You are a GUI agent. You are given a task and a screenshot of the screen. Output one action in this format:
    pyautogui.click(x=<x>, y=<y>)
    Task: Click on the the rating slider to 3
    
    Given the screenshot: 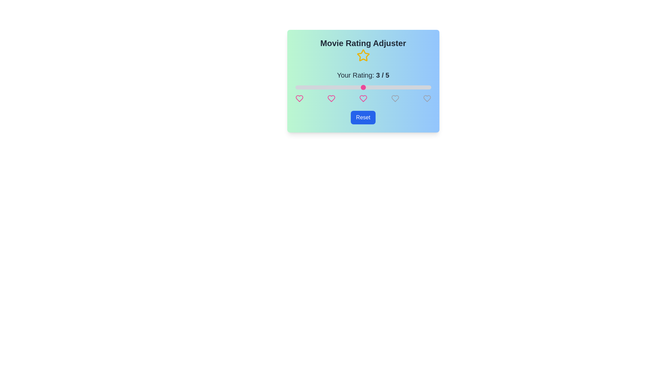 What is the action you would take?
    pyautogui.click(x=363, y=87)
    